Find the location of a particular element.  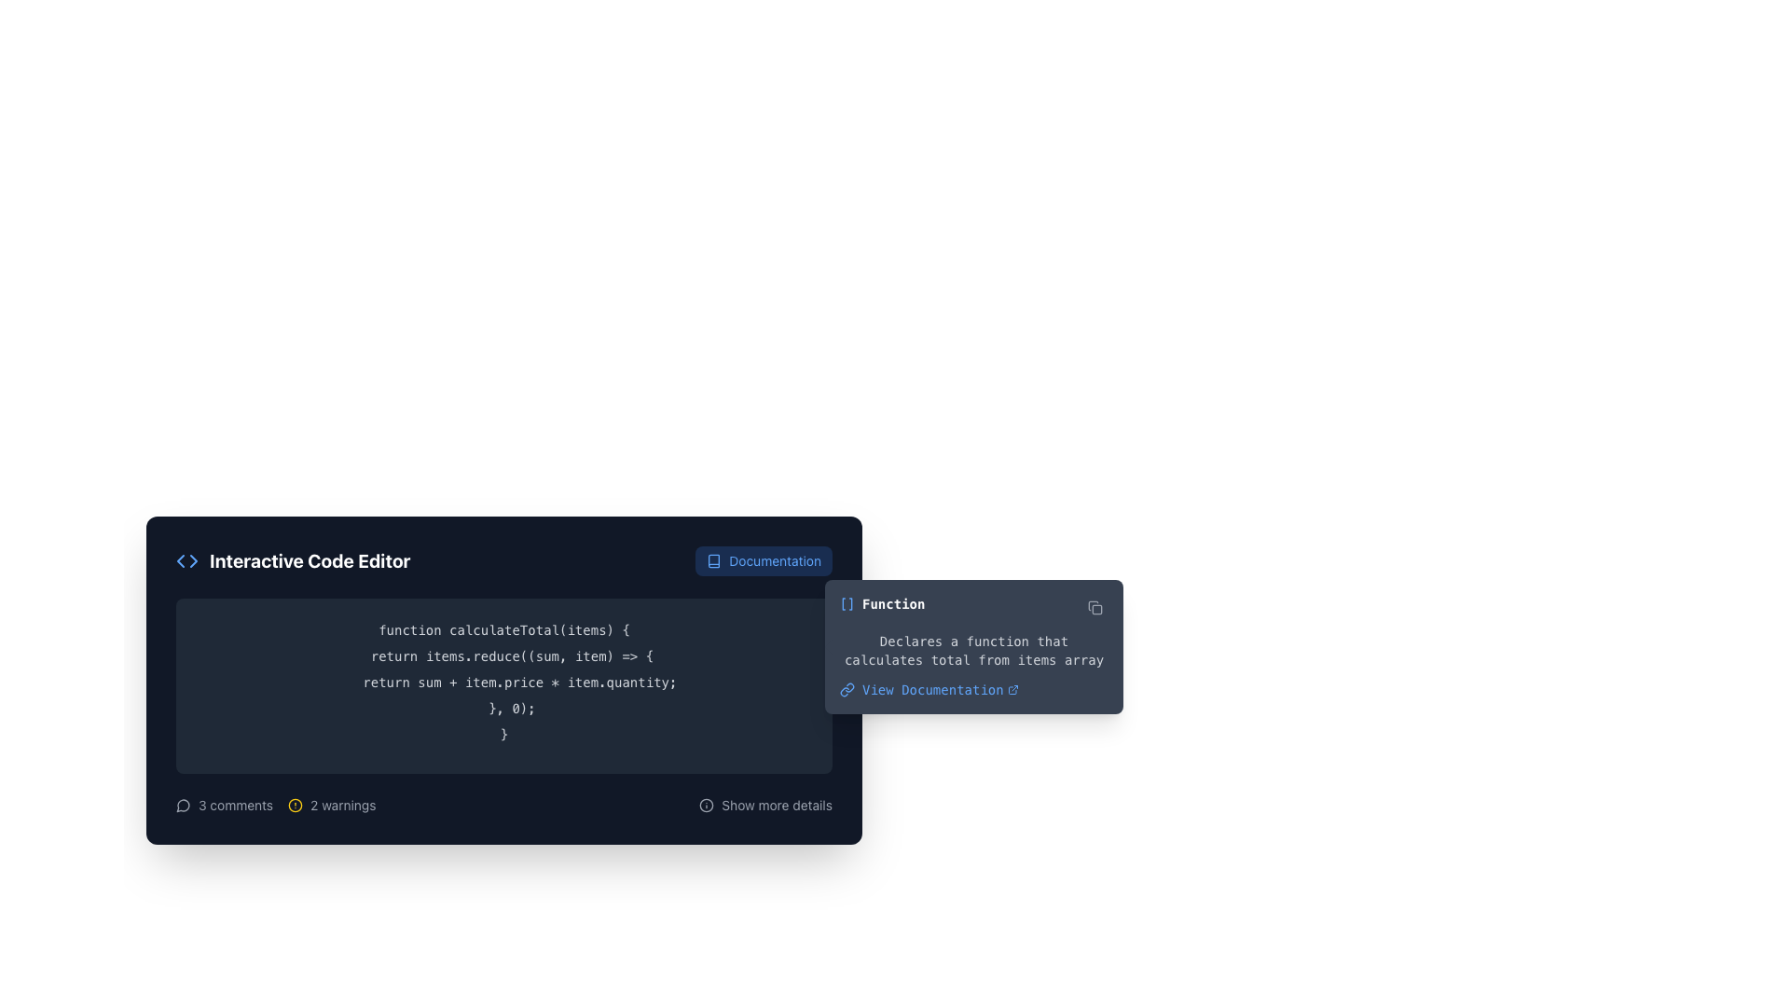

the SVG icon depicting a book, which is located within the 'Documentation' button on the right side of the interface is located at coordinates (713, 559).